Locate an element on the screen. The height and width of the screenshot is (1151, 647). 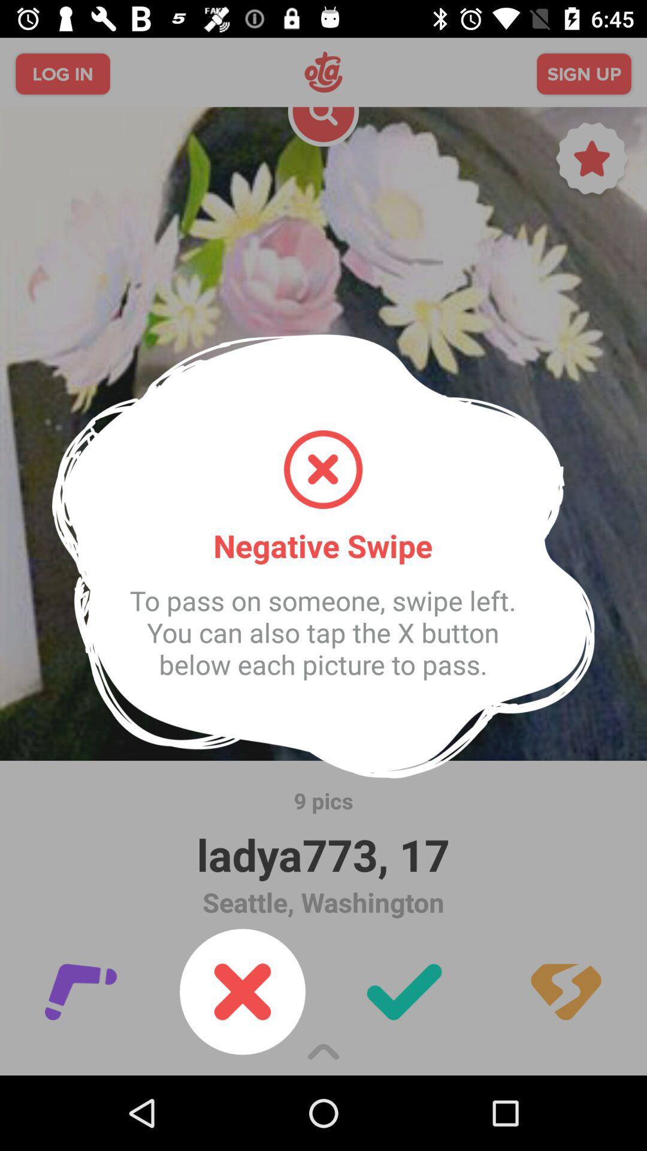
log in is located at coordinates (62, 73).